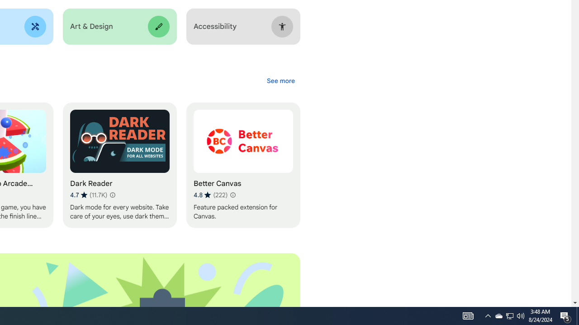 This screenshot has height=325, width=579. What do you see at coordinates (119, 165) in the screenshot?
I see `'Dark Reader'` at bounding box center [119, 165].